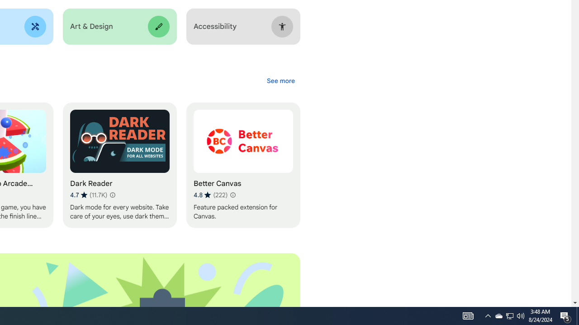 This screenshot has height=325, width=579. What do you see at coordinates (119, 165) in the screenshot?
I see `'Dark Reader'` at bounding box center [119, 165].